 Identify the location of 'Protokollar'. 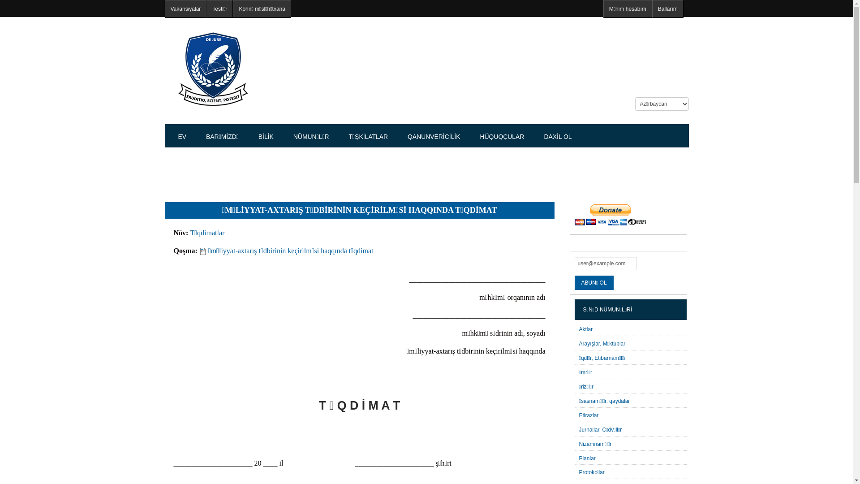
(591, 471).